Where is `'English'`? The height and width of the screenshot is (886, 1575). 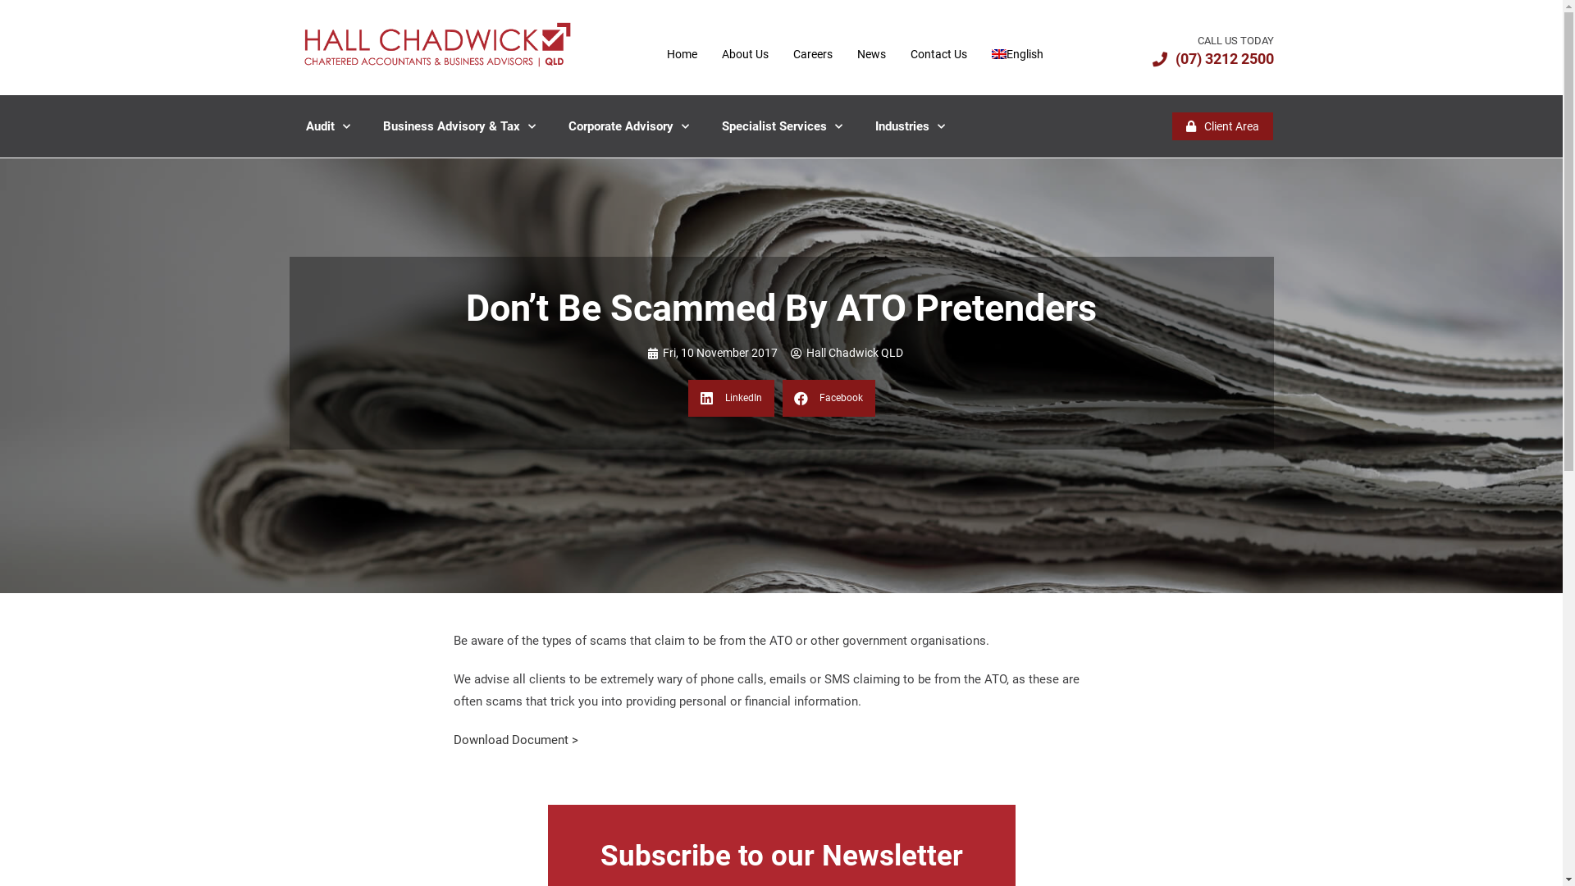 'English' is located at coordinates (1016, 53).